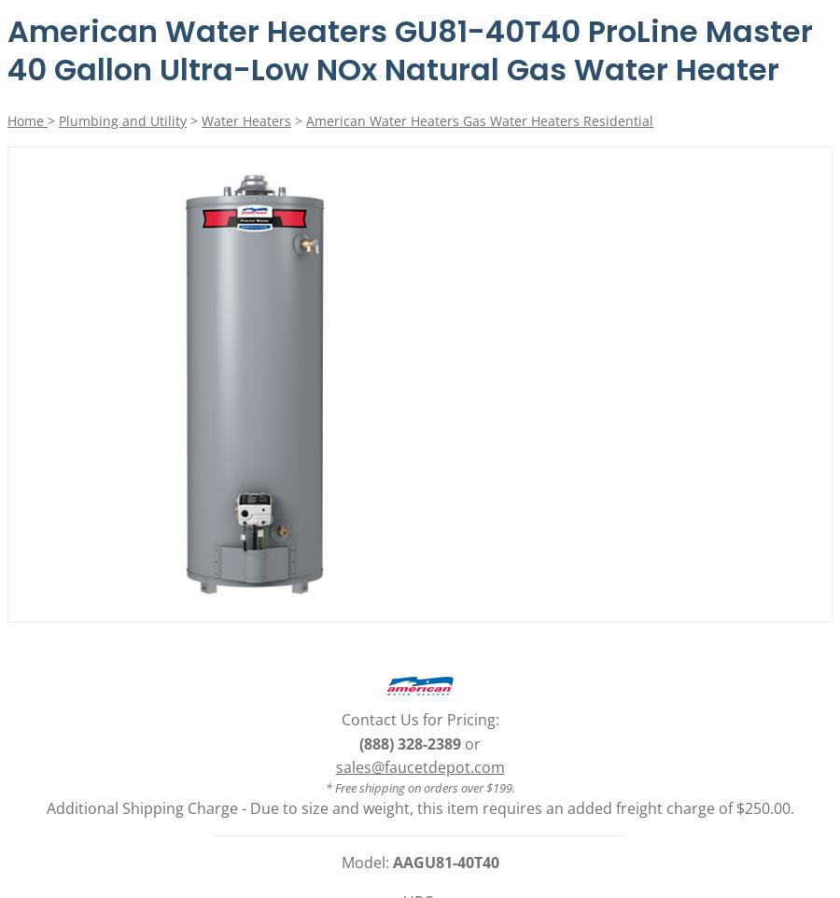  I want to click on '- Due to size and weight, this item requires an added freight charge of $250.00.', so click(516, 807).